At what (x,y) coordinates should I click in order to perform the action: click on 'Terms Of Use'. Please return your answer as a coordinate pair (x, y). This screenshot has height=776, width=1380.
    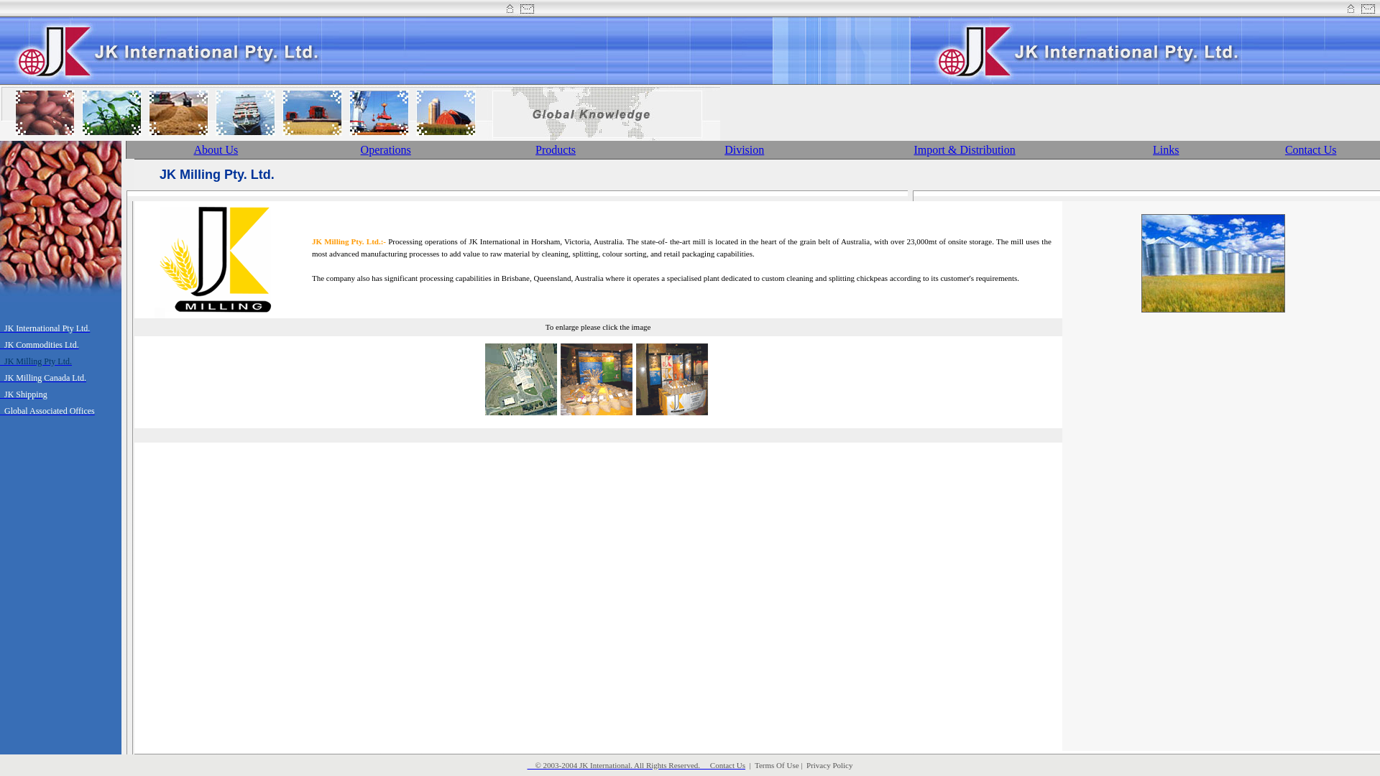
    Looking at the image, I should click on (776, 764).